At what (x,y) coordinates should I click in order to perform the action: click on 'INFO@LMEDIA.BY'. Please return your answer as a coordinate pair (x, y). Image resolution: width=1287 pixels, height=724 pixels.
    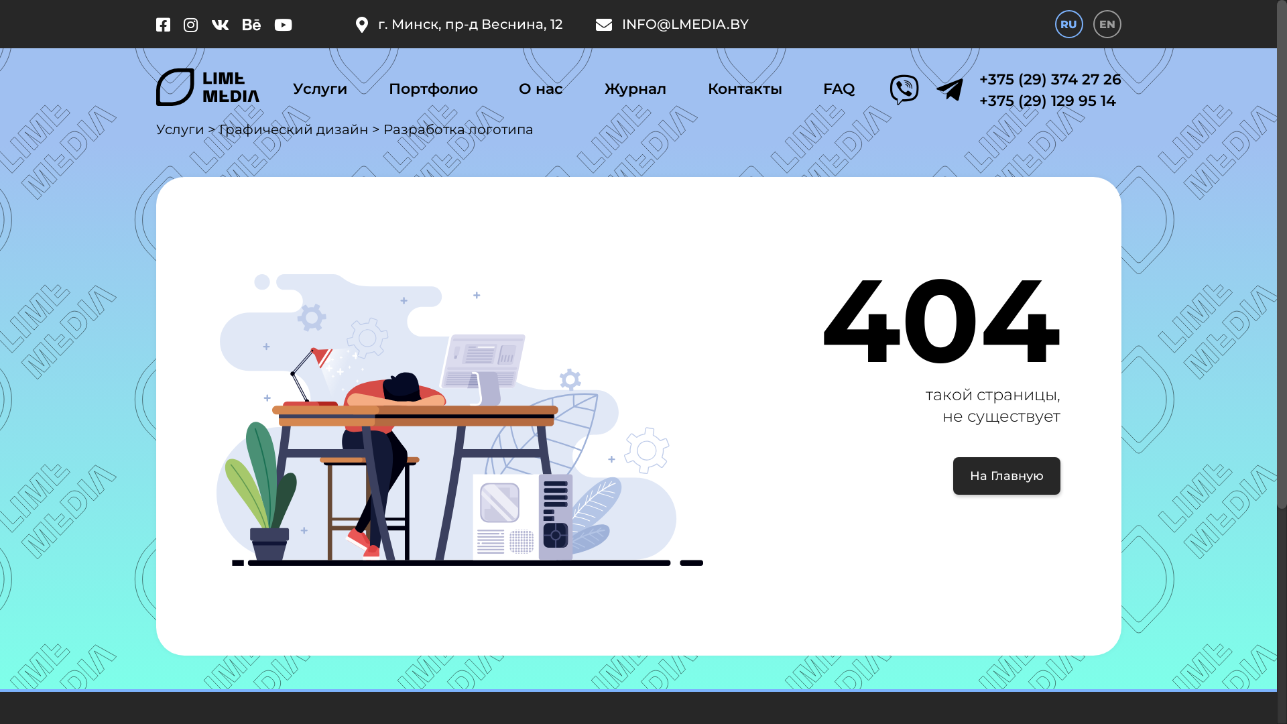
    Looking at the image, I should click on (672, 24).